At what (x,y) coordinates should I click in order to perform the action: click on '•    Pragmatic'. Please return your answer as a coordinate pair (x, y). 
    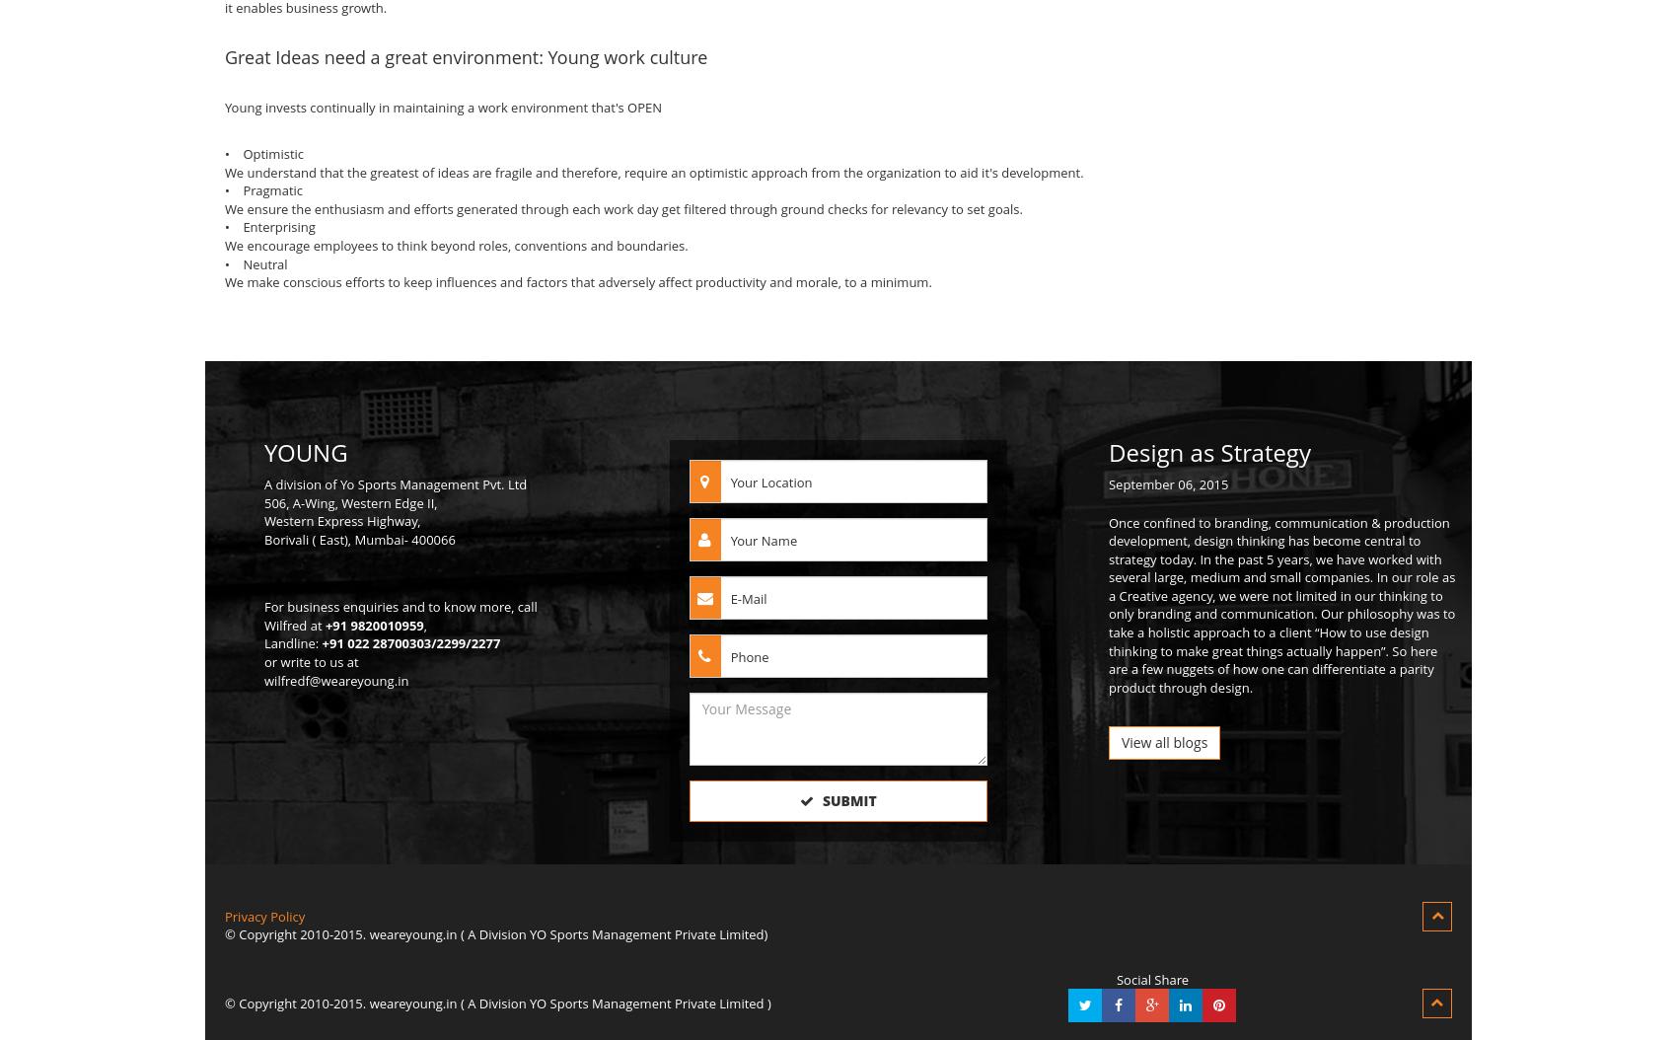
    Looking at the image, I should click on (263, 188).